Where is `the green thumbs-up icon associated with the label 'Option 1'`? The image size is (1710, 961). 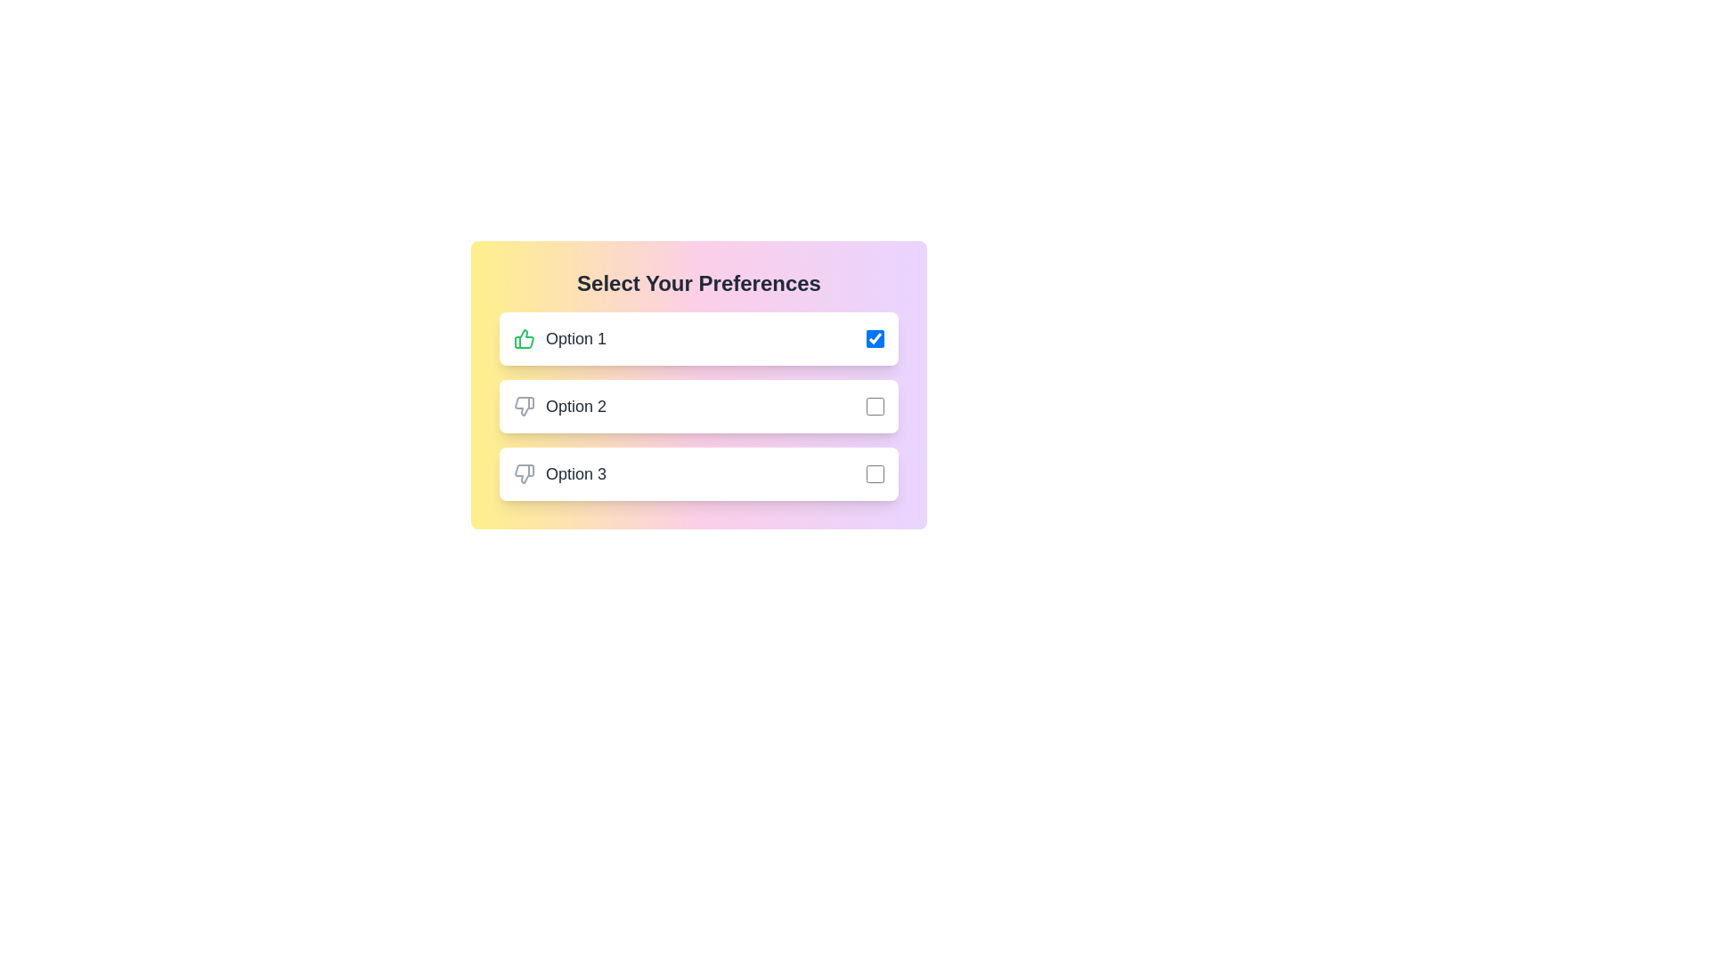
the green thumbs-up icon associated with the label 'Option 1' is located at coordinates (524, 339).